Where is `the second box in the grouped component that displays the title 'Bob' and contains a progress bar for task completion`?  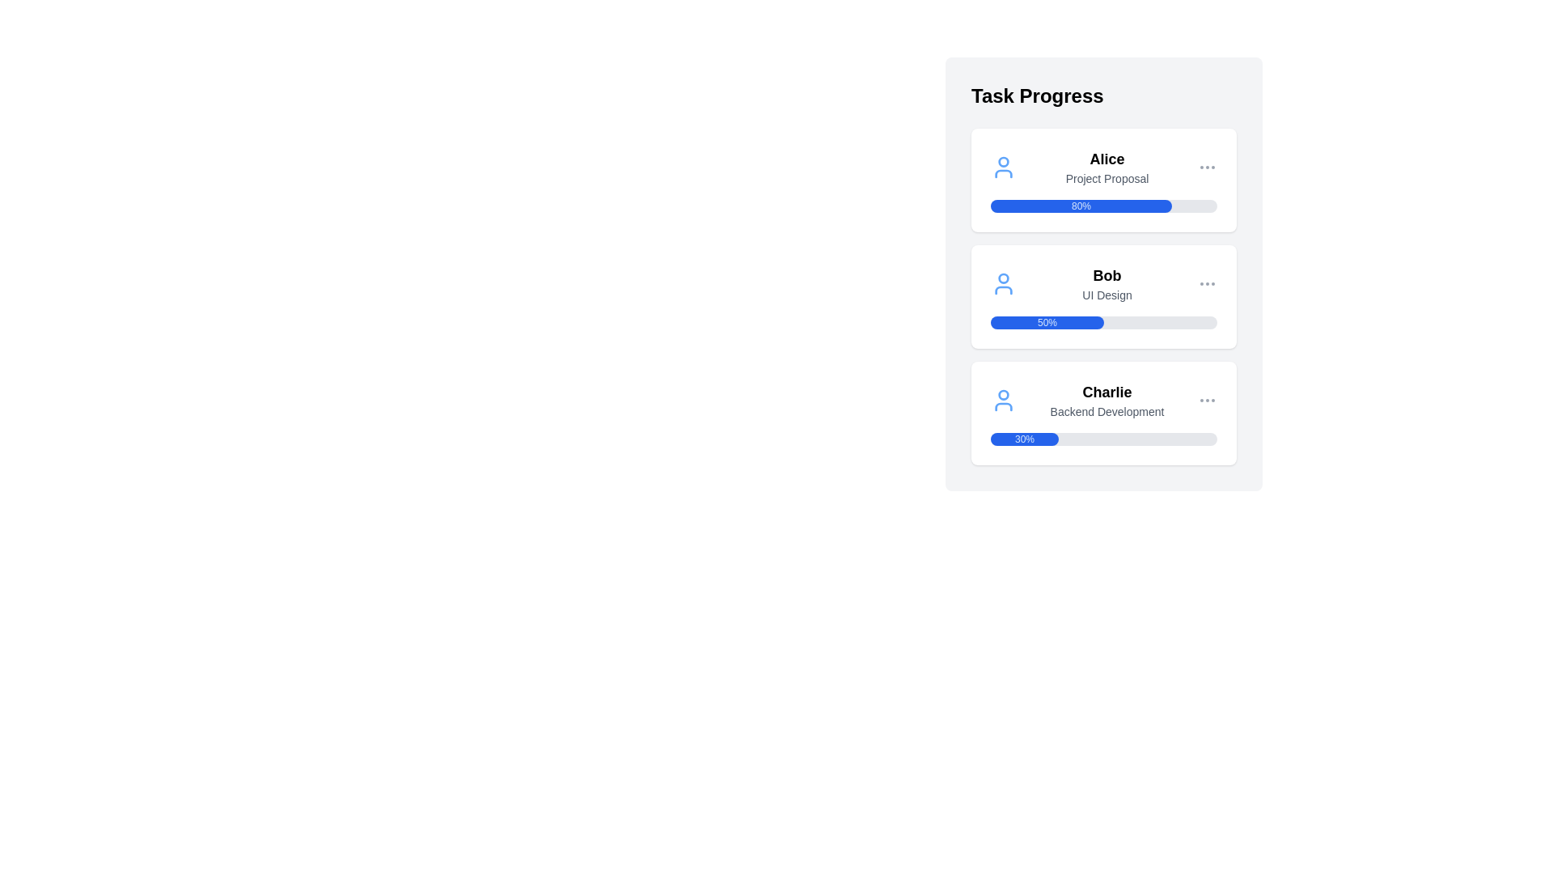
the second box in the grouped component that displays the title 'Bob' and contains a progress bar for task completion is located at coordinates (1102, 296).